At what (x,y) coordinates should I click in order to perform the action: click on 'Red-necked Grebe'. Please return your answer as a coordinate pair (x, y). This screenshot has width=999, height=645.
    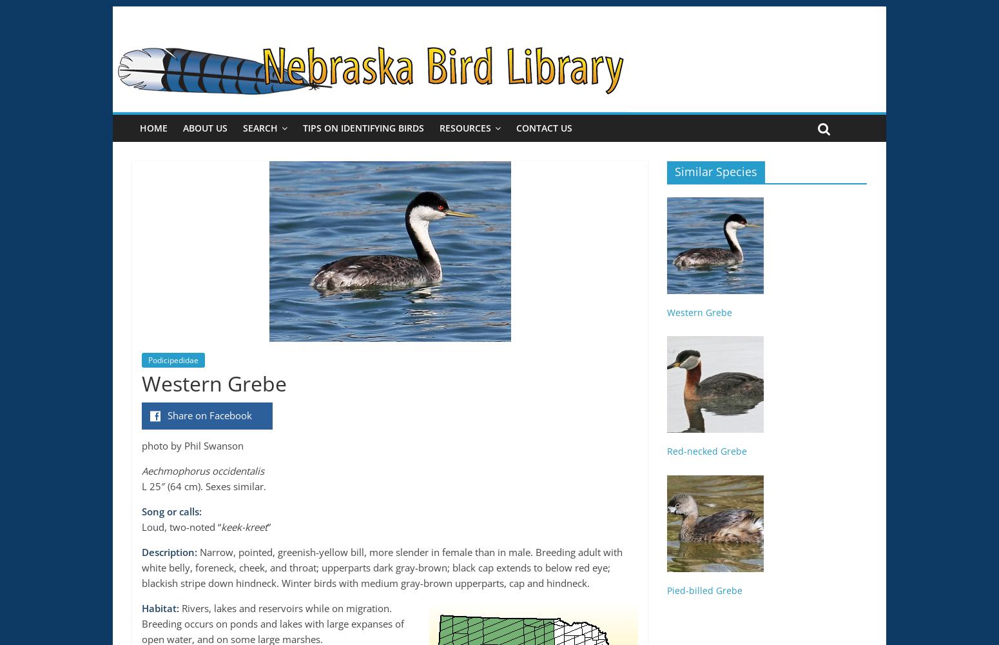
    Looking at the image, I should click on (666, 450).